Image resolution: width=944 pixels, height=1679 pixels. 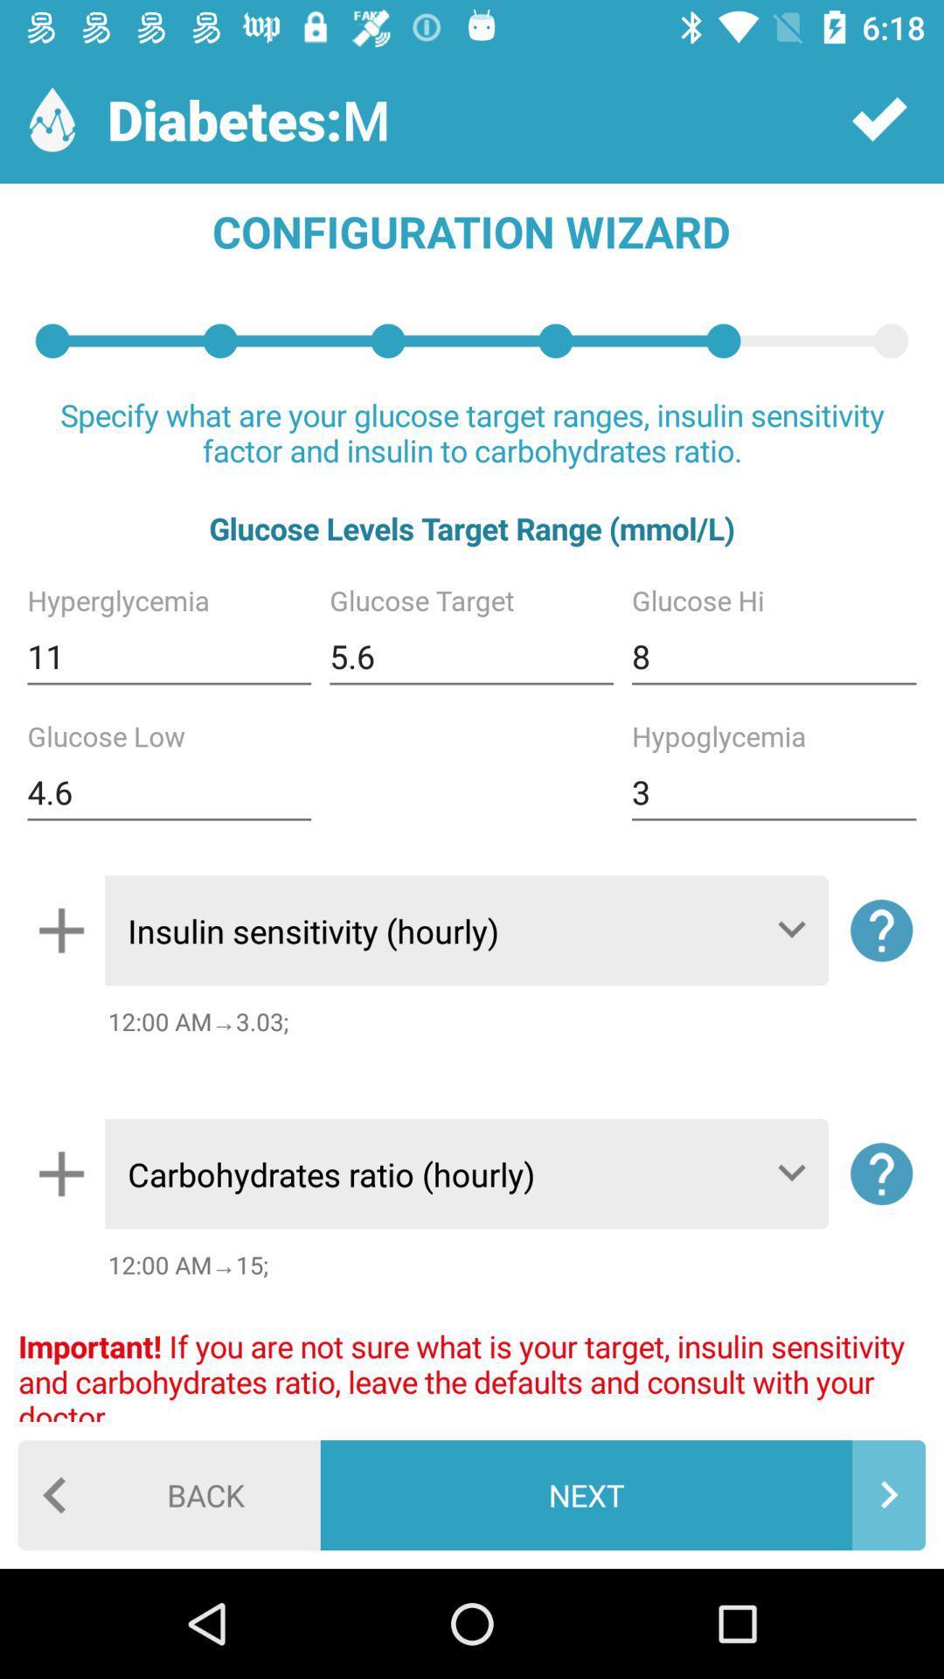 I want to click on icon below the important if you item, so click(x=621, y=1494).